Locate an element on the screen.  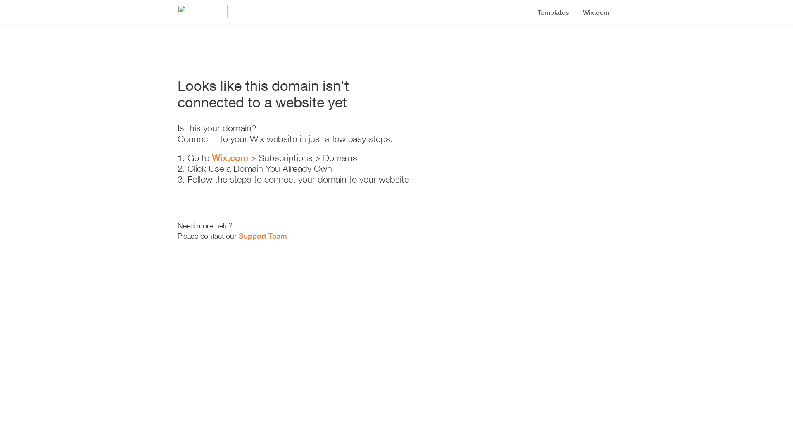
'Support Team' is located at coordinates (262, 235).